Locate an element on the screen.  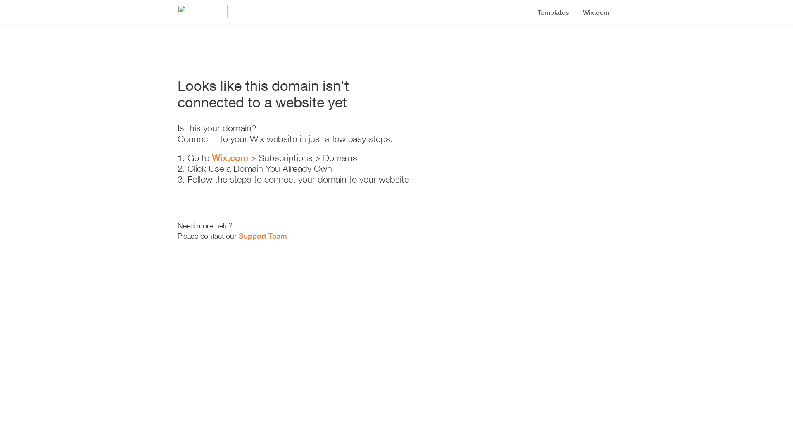
'Support Team' is located at coordinates (262, 235).